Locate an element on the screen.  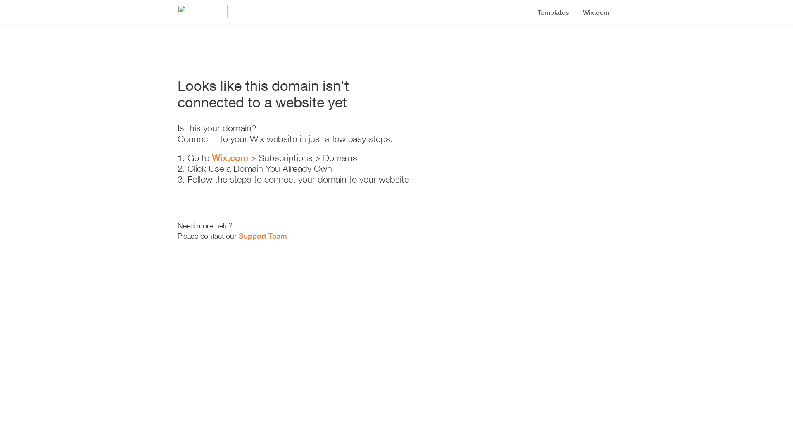
'Support Team' is located at coordinates (262, 235).